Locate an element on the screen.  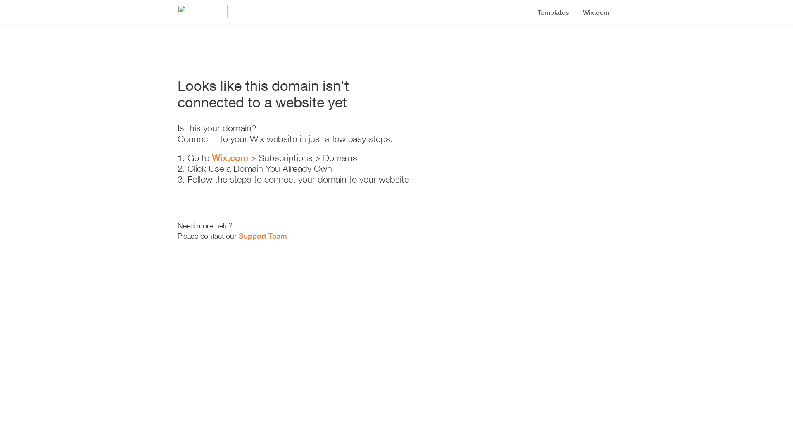
'Support Team' is located at coordinates (262, 235).